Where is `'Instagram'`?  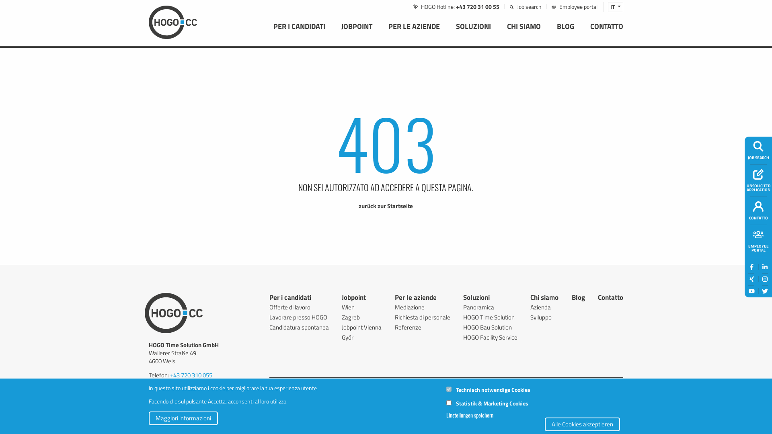
'Instagram' is located at coordinates (764, 278).